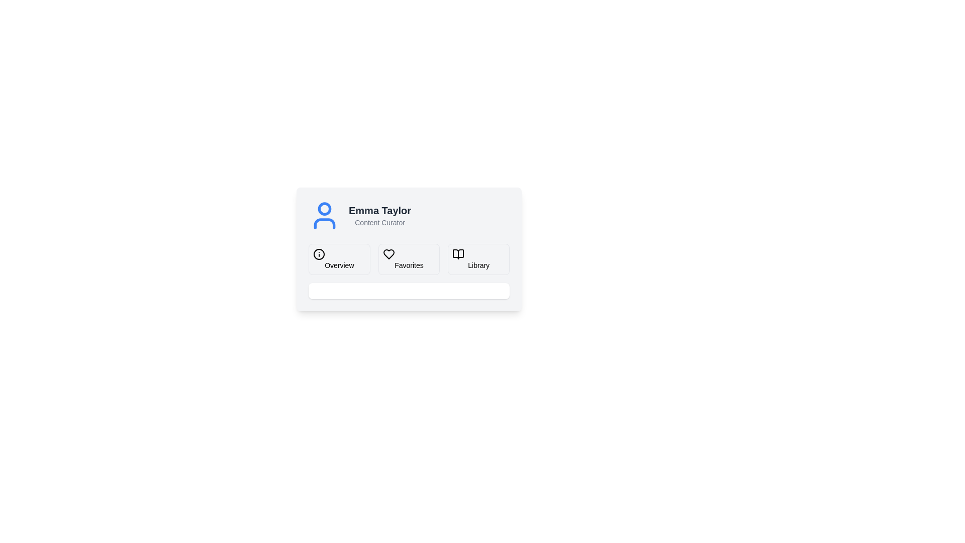 This screenshot has height=543, width=965. Describe the element at coordinates (325, 223) in the screenshot. I see `the decorative graphic element within the SVG icon that resembles a simplified human torso, located above the text 'Emma Taylor'` at that location.